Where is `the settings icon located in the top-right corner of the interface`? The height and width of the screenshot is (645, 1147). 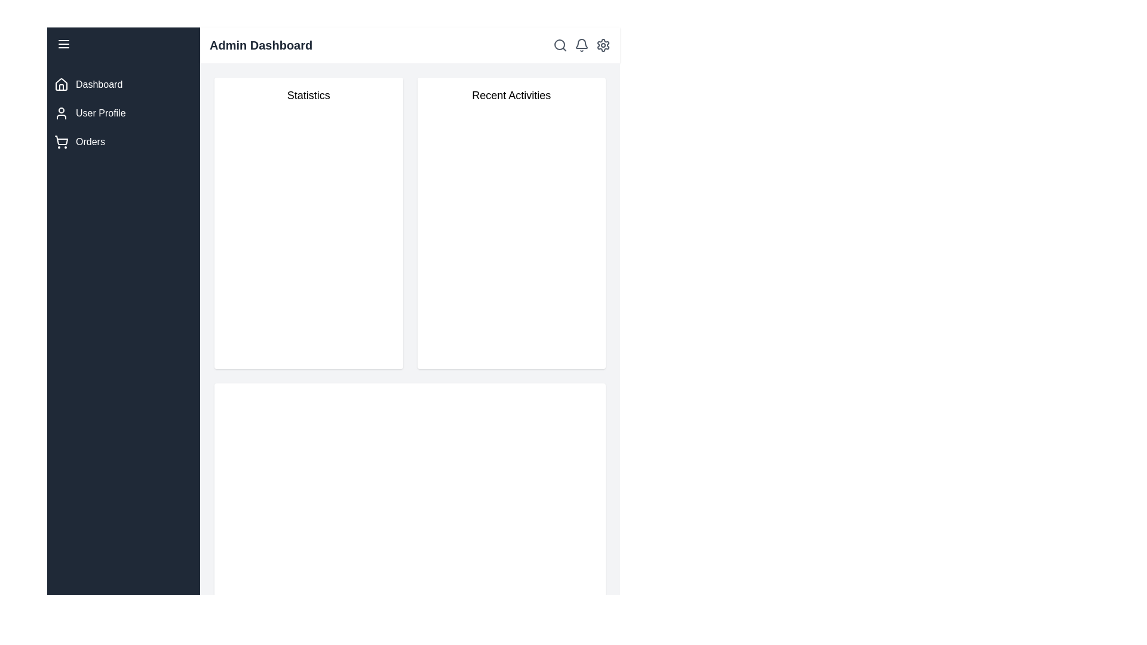 the settings icon located in the top-right corner of the interface is located at coordinates (603, 45).